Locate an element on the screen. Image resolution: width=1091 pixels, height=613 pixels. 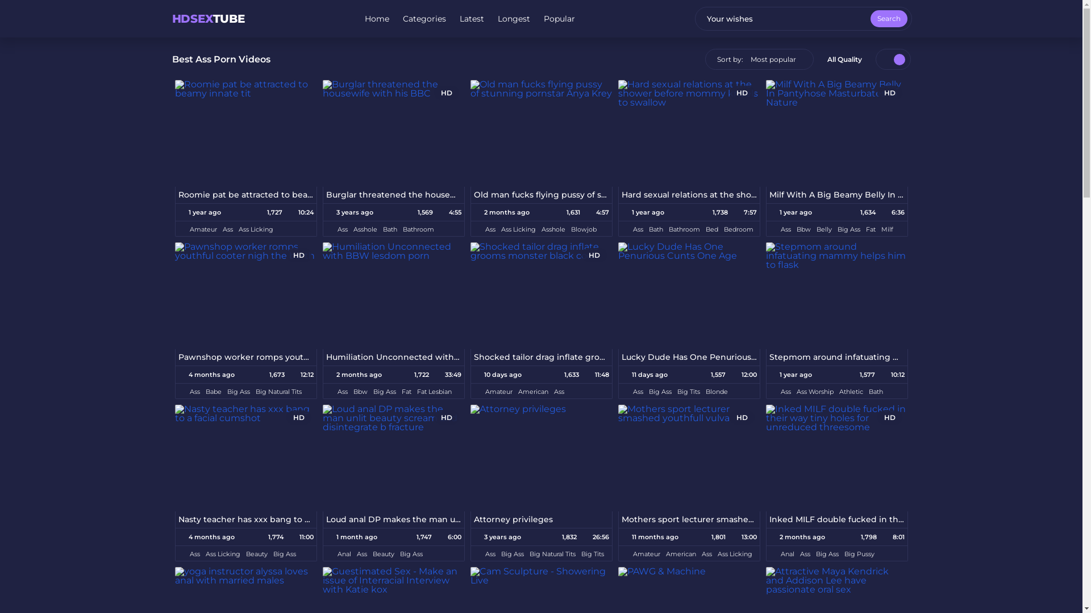
'Fat' is located at coordinates (406, 391).